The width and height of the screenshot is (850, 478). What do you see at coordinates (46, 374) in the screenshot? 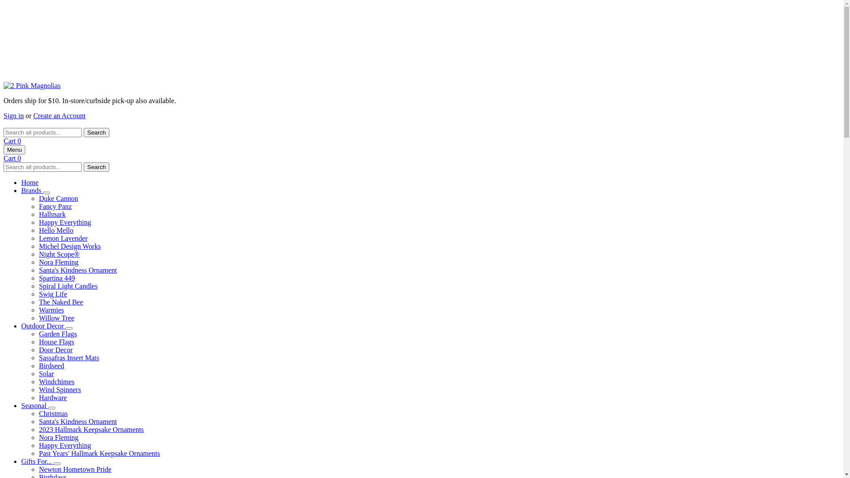
I see `'Solar'` at bounding box center [46, 374].